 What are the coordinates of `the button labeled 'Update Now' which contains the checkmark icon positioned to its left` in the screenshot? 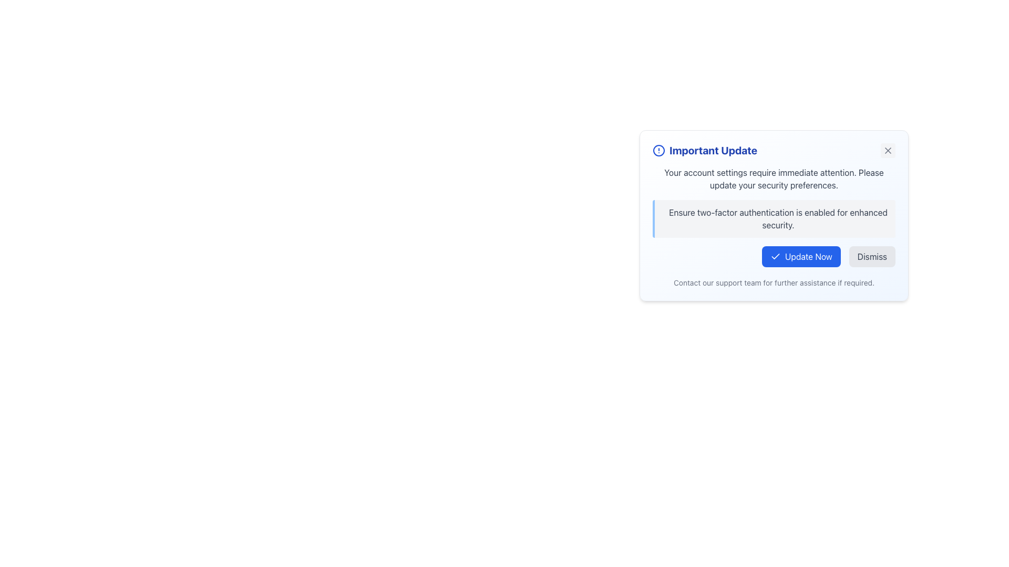 It's located at (775, 257).